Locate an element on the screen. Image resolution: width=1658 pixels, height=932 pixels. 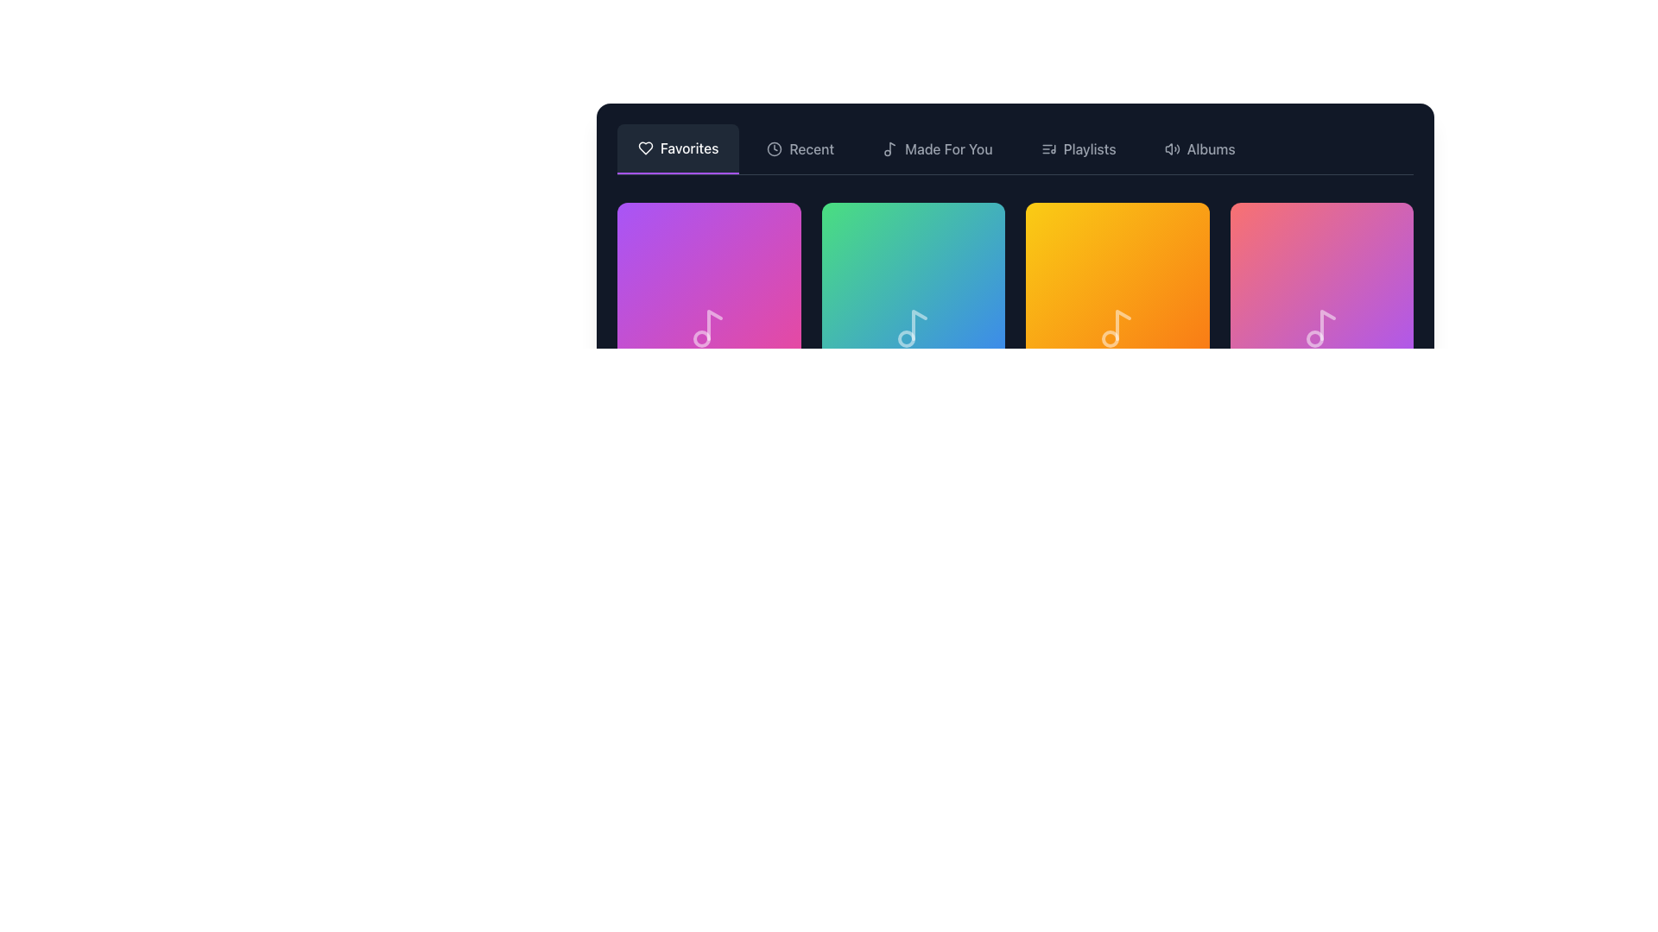
the circular button with three horizontally aligned dots located in the top-right corner of the thumbnail area to observe its hover effects is located at coordinates (978, 229).